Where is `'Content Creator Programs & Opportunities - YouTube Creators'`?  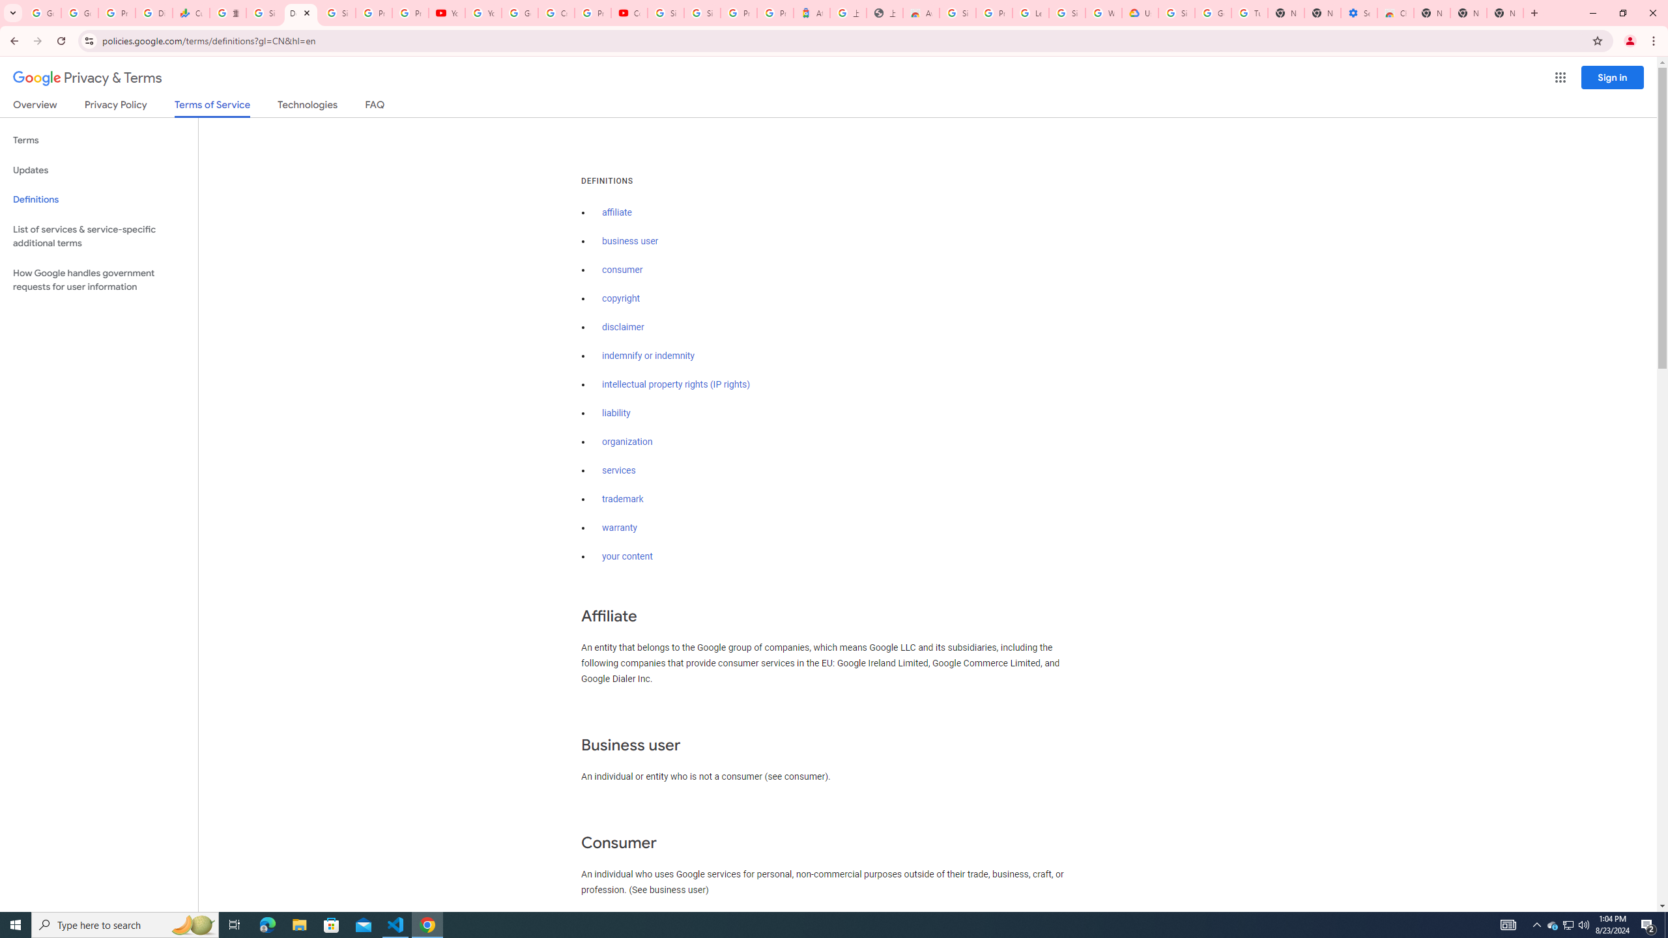
'Content Creator Programs & Opportunities - YouTube Creators' is located at coordinates (629, 12).